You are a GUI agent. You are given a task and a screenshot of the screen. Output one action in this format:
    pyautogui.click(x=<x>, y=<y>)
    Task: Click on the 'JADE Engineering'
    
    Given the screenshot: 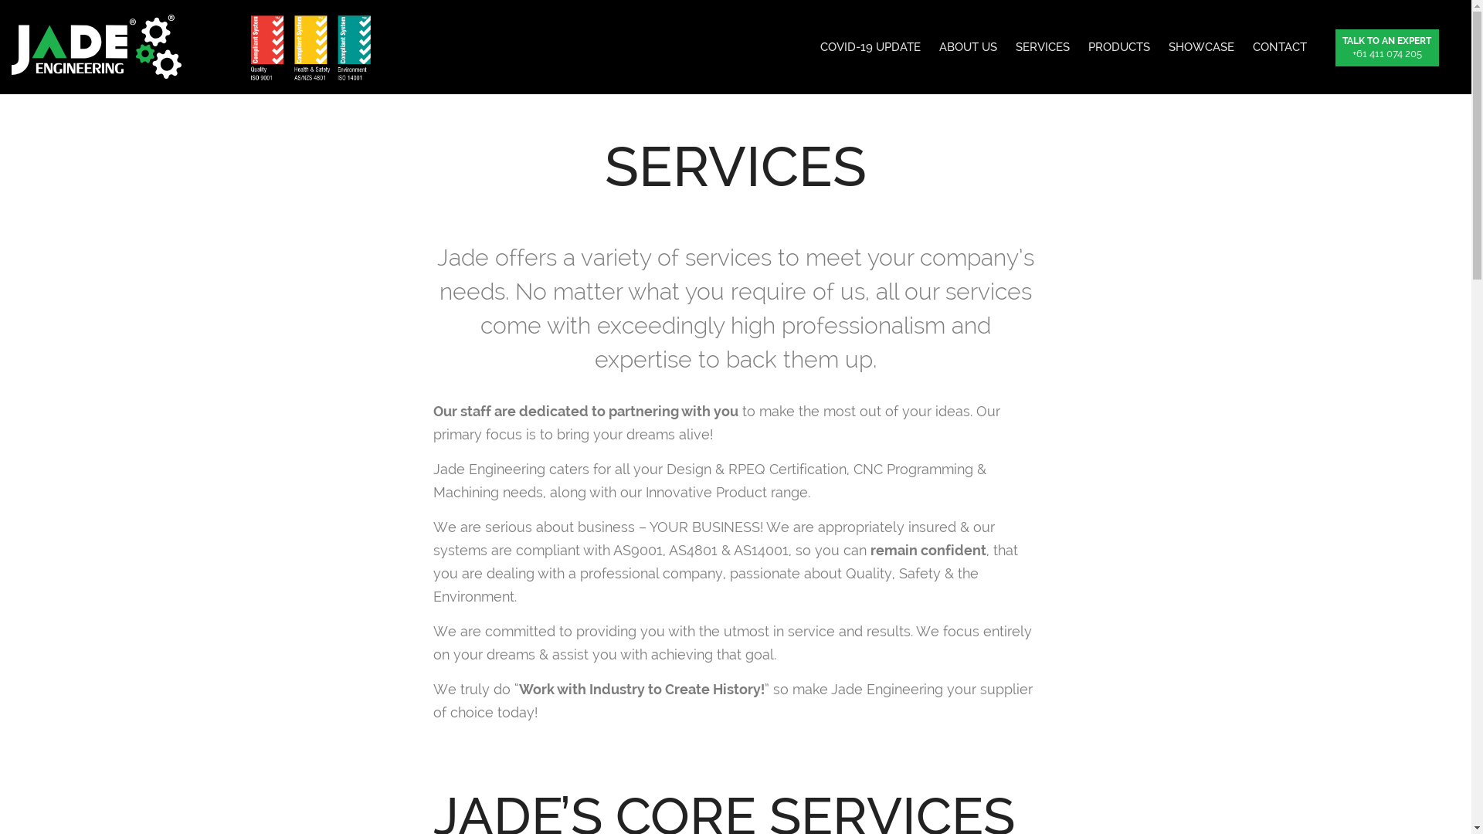 What is the action you would take?
    pyautogui.click(x=11, y=46)
    